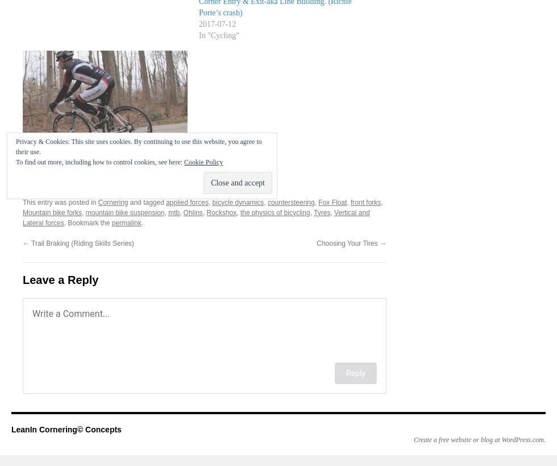  What do you see at coordinates (356, 373) in the screenshot?
I see `'Reply'` at bounding box center [356, 373].